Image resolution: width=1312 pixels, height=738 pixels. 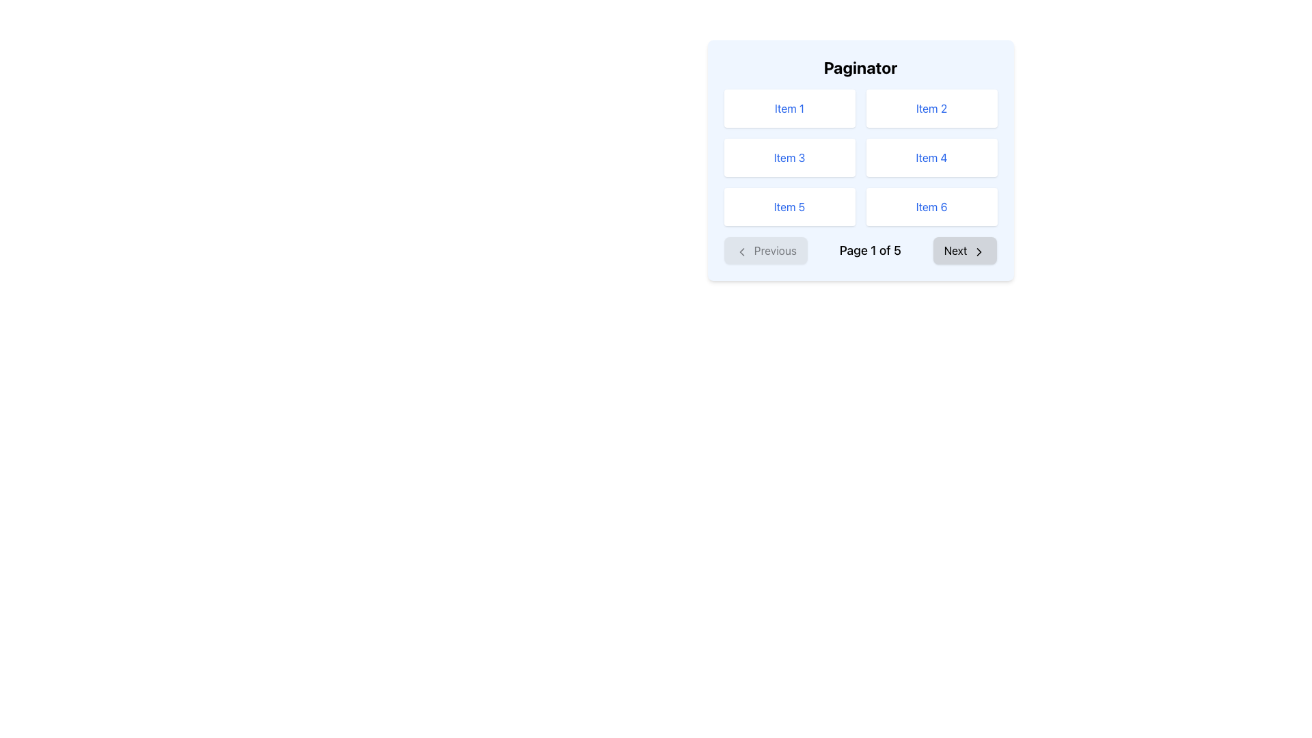 What do you see at coordinates (979, 251) in the screenshot?
I see `the rightward-pointing chevron icon located in the paginator component, positioned to the right of the 'Next' button` at bounding box center [979, 251].